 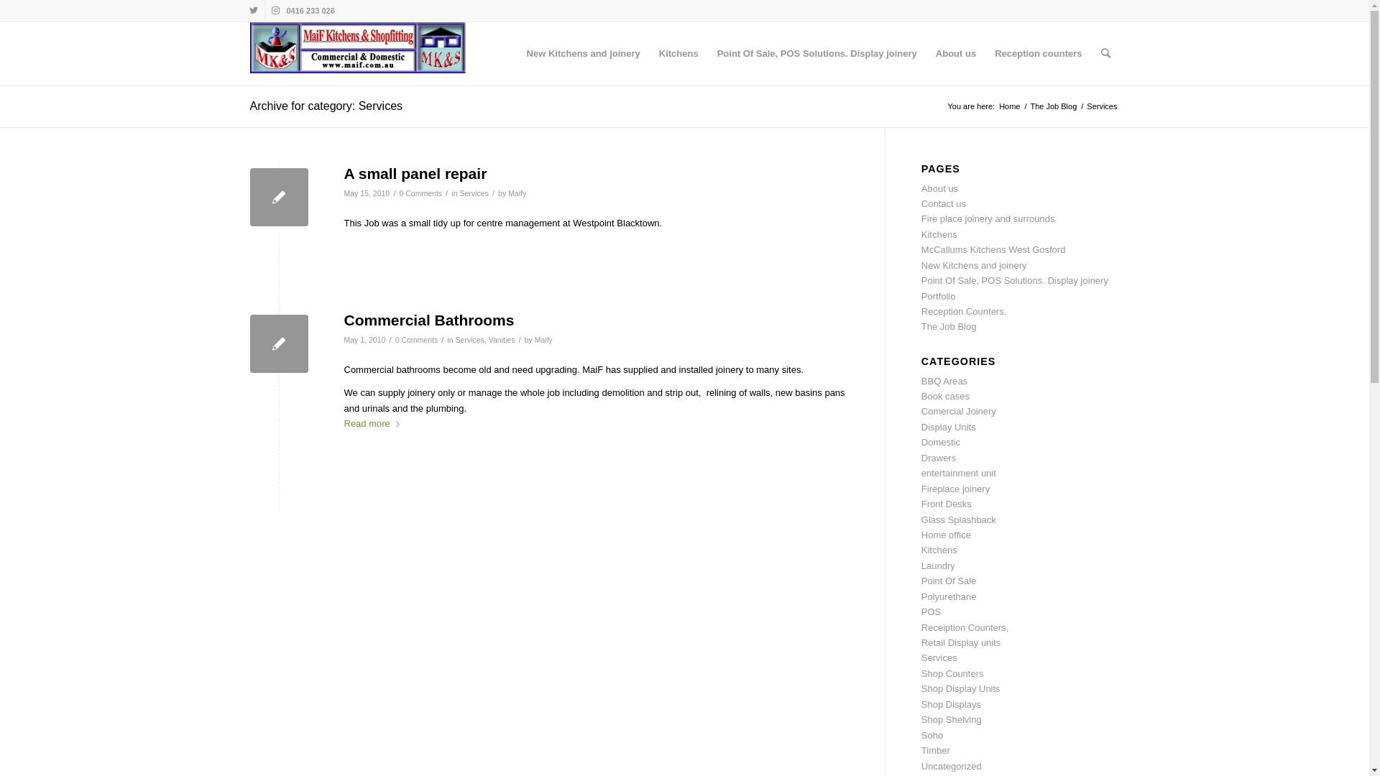 I want to click on 'A small panel repair', so click(x=279, y=197).